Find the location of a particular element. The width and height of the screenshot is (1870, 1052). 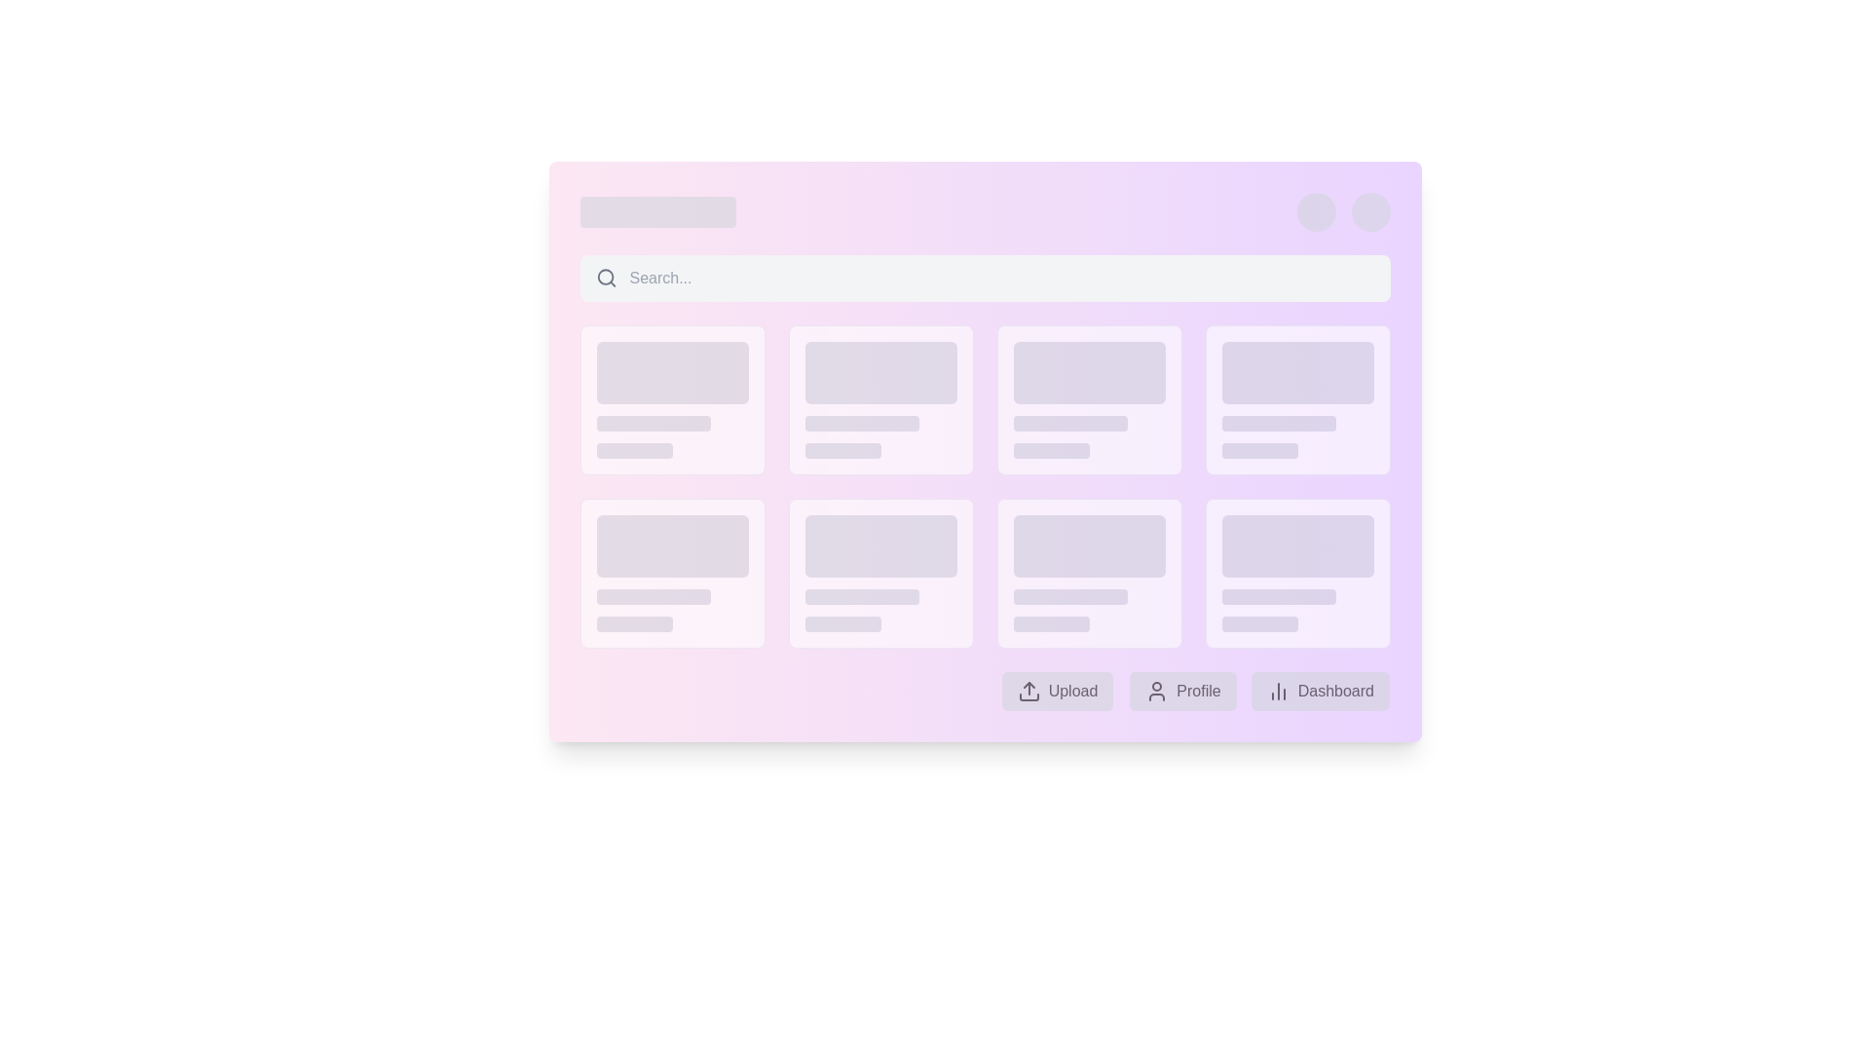

the Loading placeholder card located in the second column of the first row, which acts as a placeholder during loading sequences is located at coordinates (672, 399).